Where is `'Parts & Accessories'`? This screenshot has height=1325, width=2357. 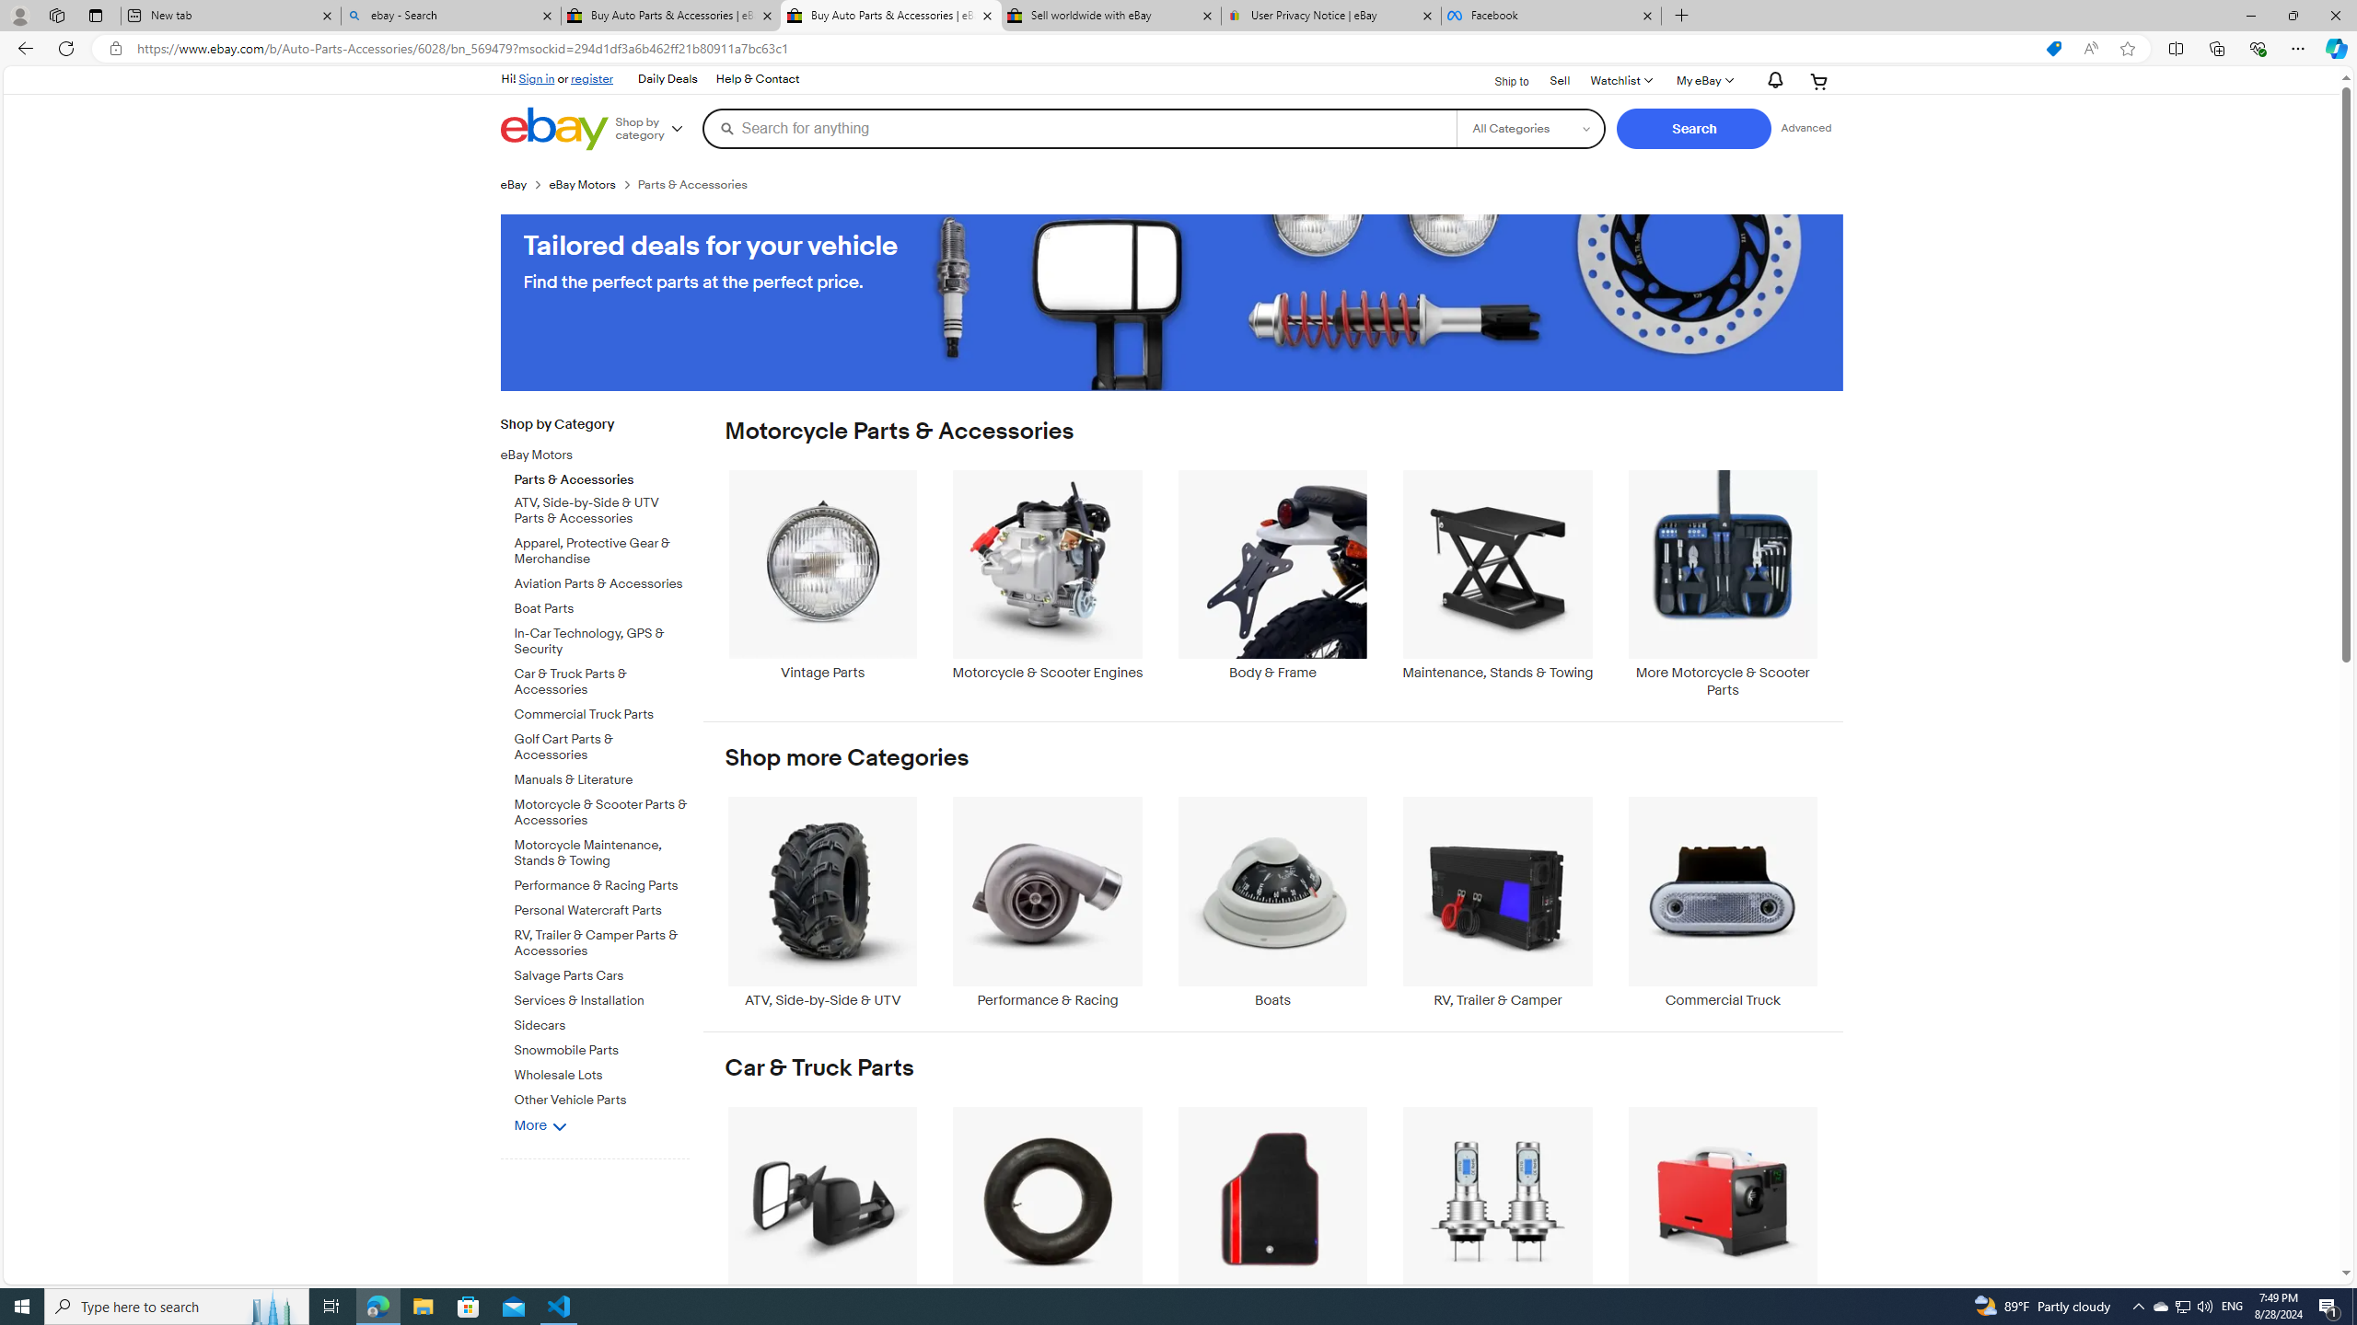
'Parts & Accessories' is located at coordinates (601, 476).